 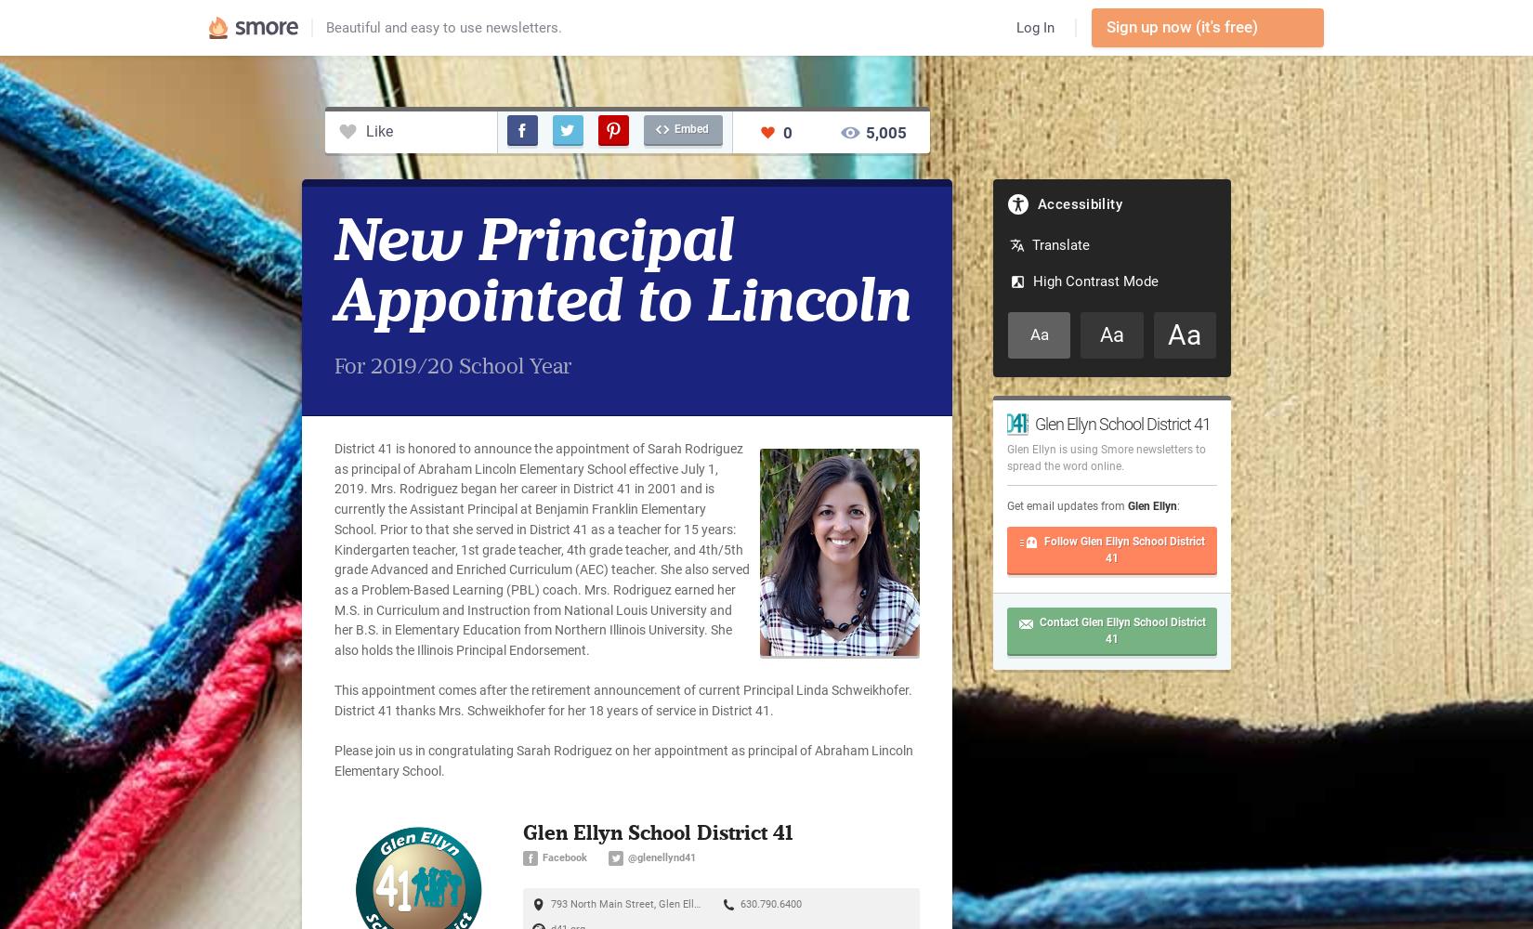 What do you see at coordinates (1015, 28) in the screenshot?
I see `'Log In'` at bounding box center [1015, 28].